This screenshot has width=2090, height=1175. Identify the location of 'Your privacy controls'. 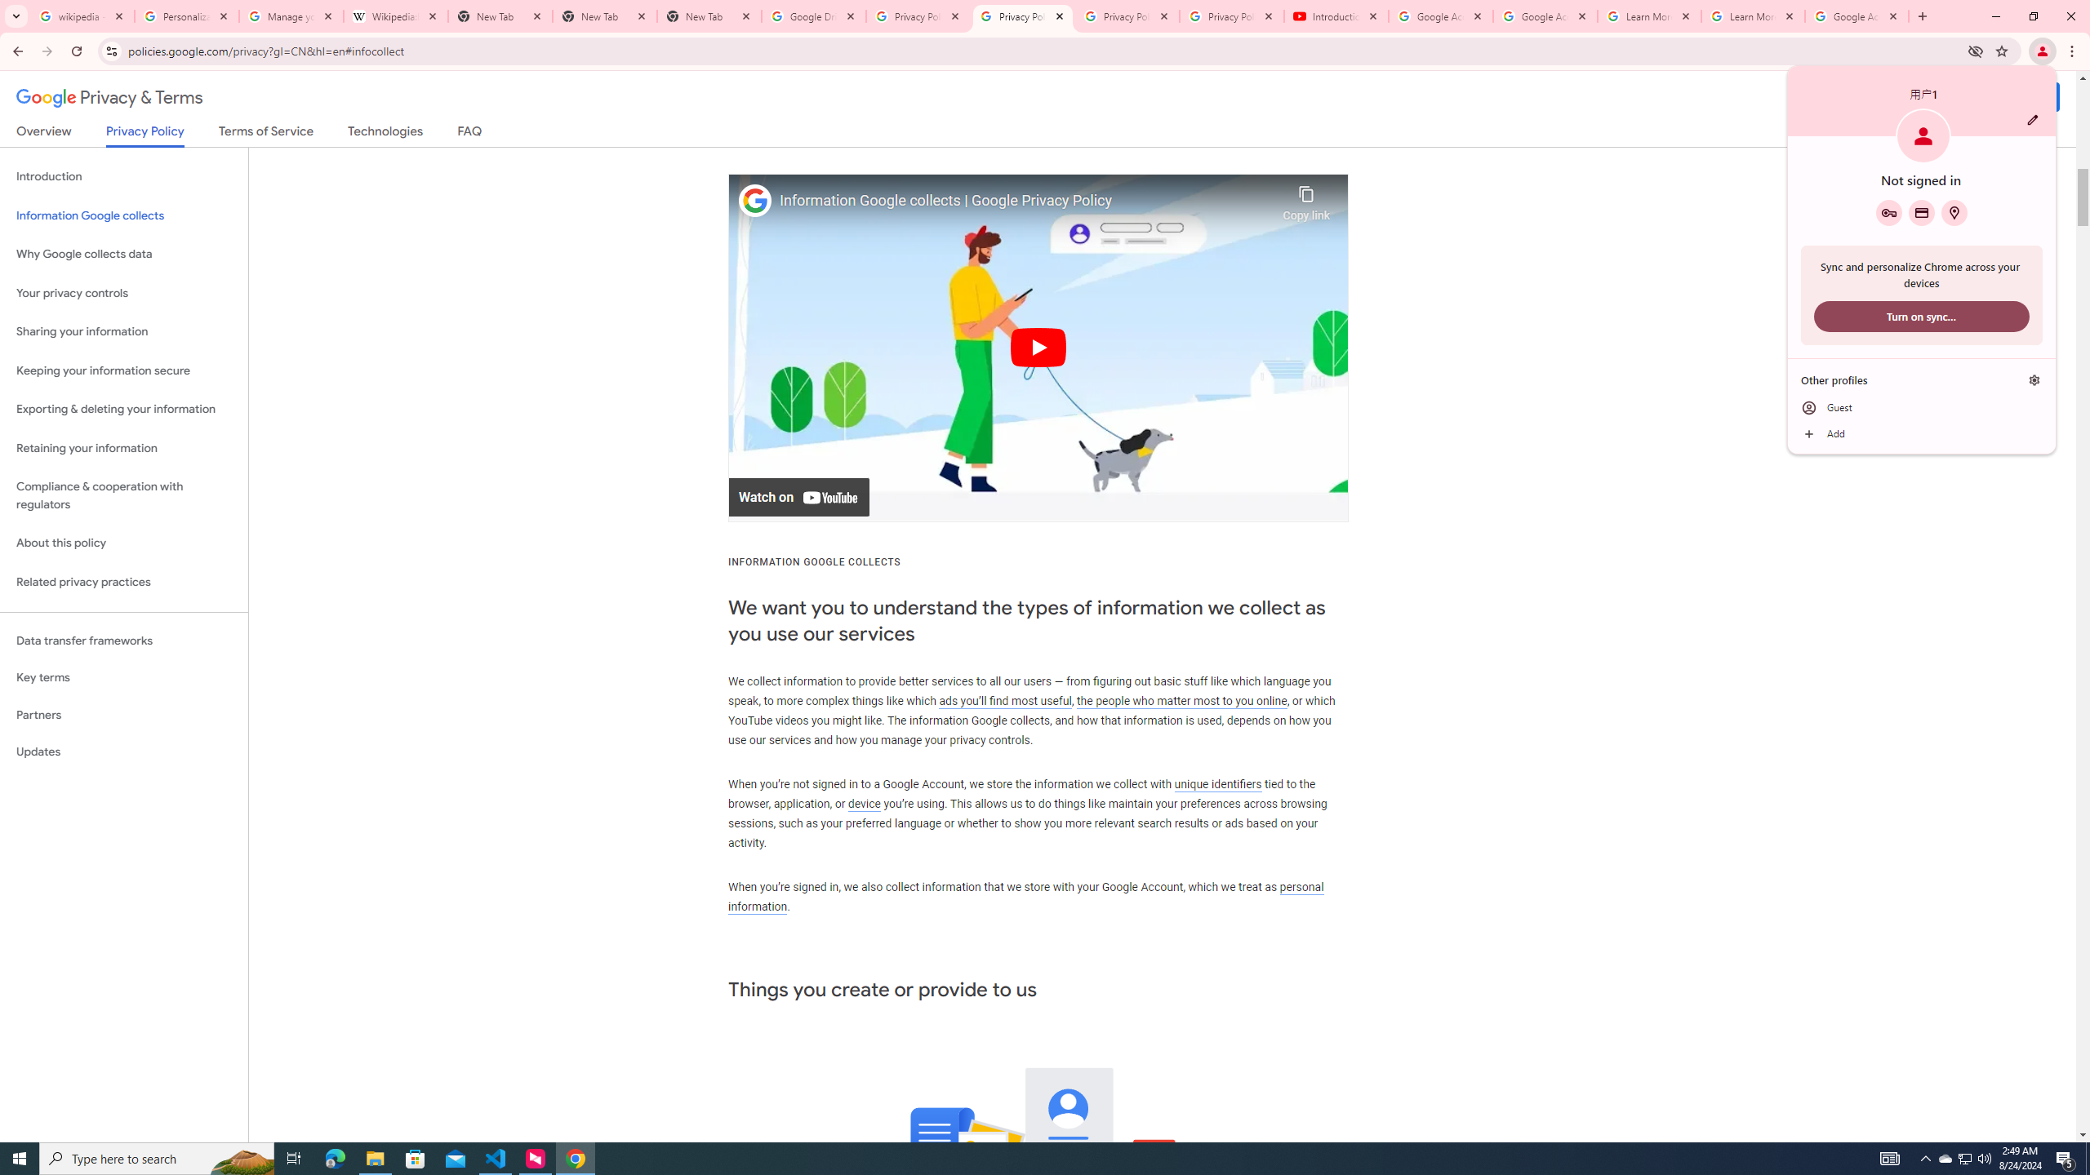
(123, 294).